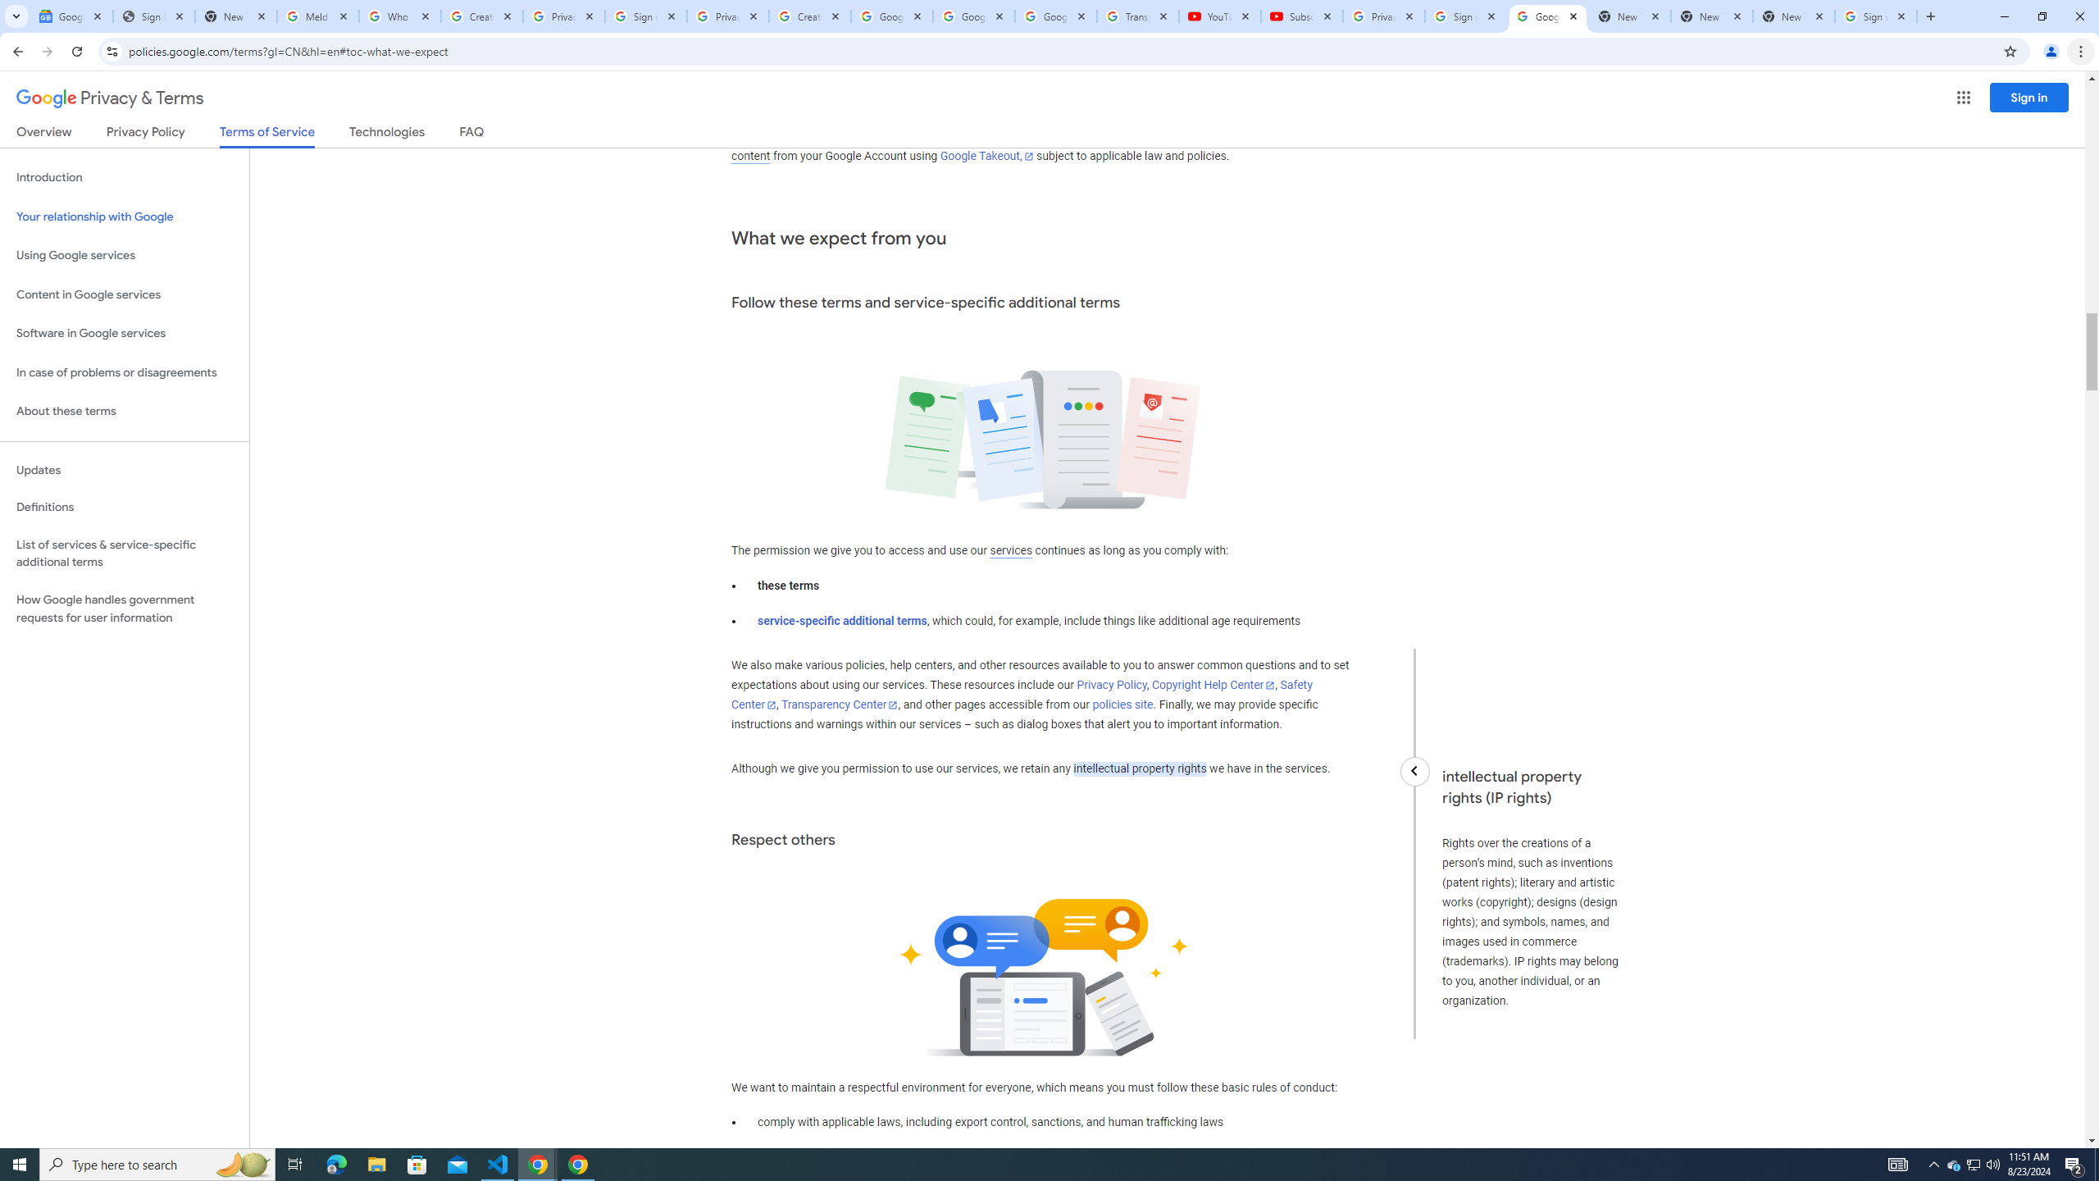 The height and width of the screenshot is (1181, 2099). What do you see at coordinates (1020, 694) in the screenshot?
I see `'Safety Center'` at bounding box center [1020, 694].